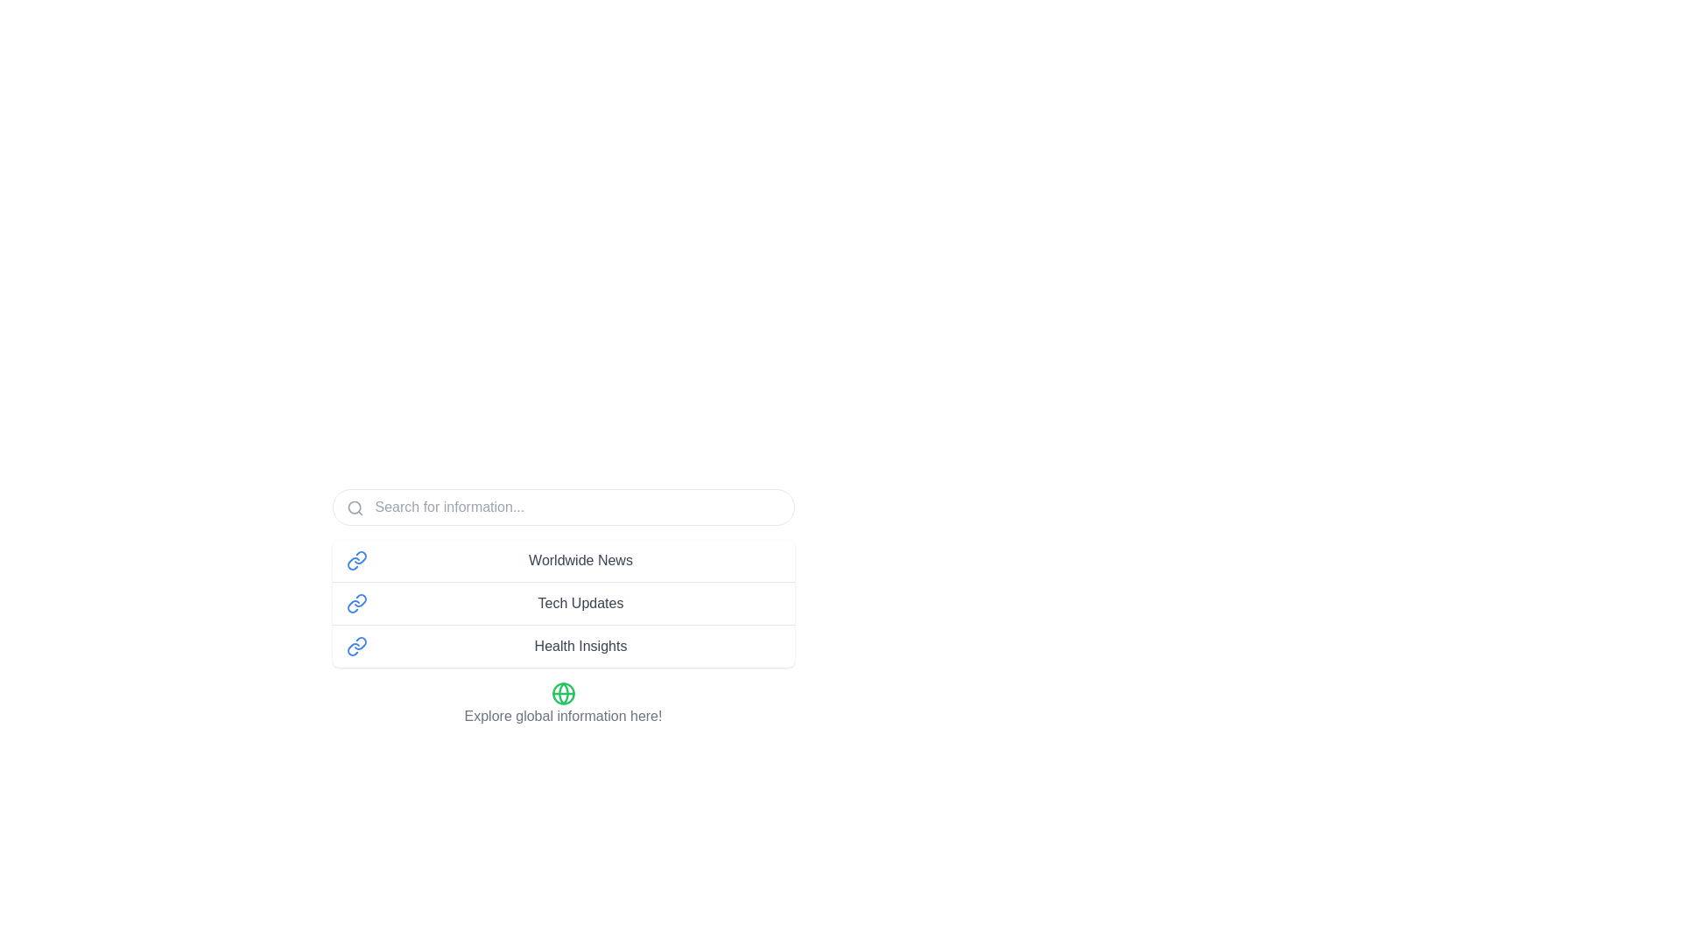  Describe the element at coordinates (580, 560) in the screenshot. I see `the hyperlink that redirects to worldwide news, which is the first item in the vertical list below the search bar` at that location.